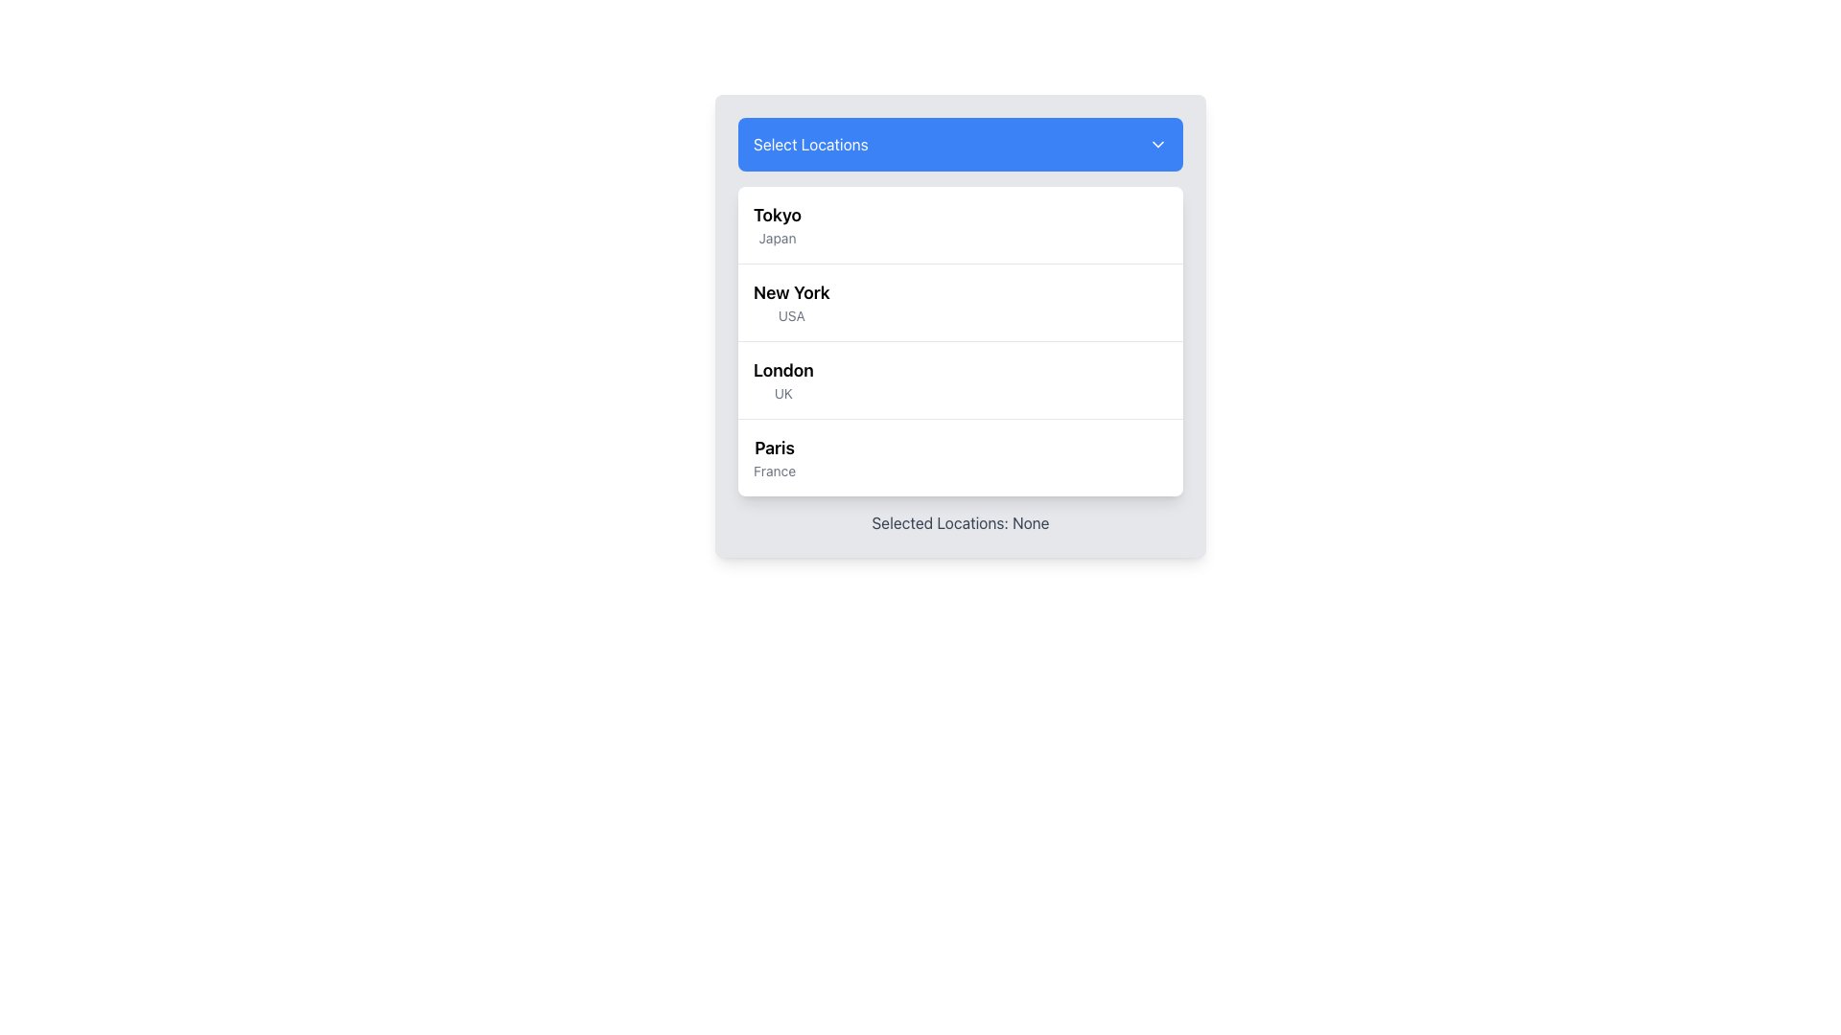  I want to click on the text label 'London' which is the third option in a vertical list of locations within the dropdown menu, styled with a large bold font, positioned between 'New York' and 'Paris', so click(783, 370).